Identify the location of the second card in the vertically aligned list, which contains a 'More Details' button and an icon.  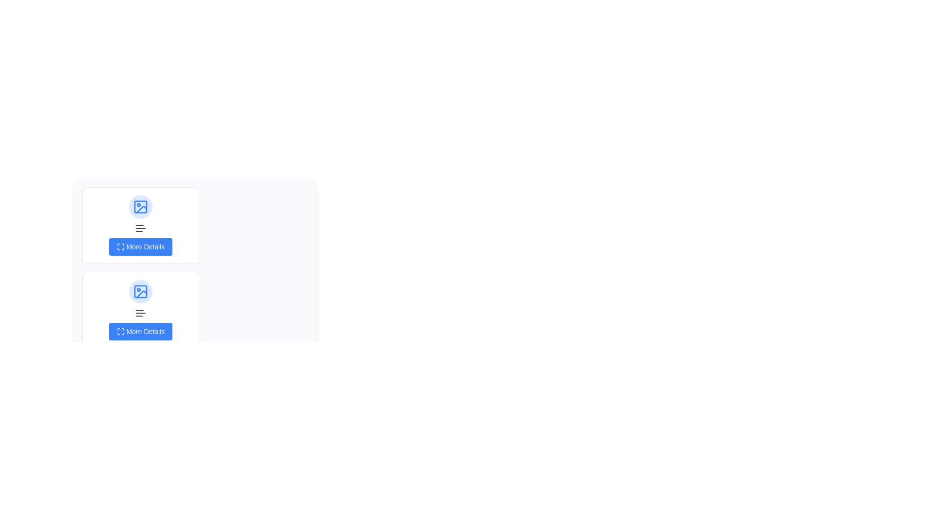
(140, 310).